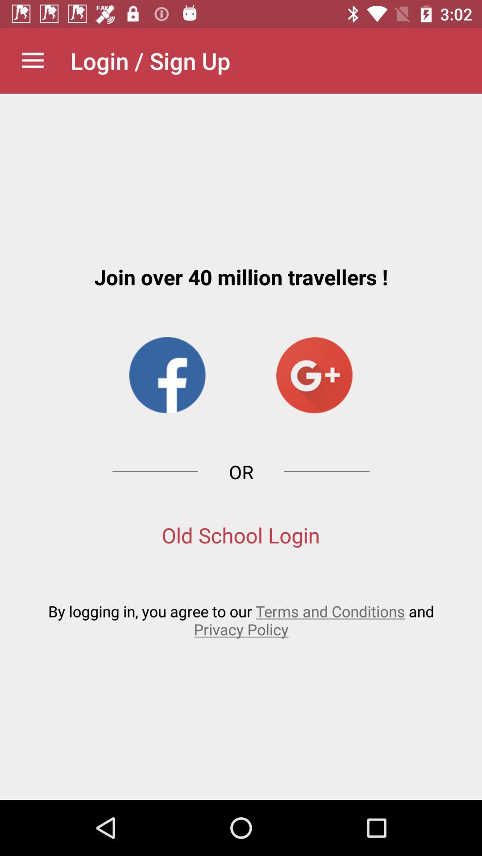  What do you see at coordinates (32, 60) in the screenshot?
I see `item above the join over 40 item` at bounding box center [32, 60].